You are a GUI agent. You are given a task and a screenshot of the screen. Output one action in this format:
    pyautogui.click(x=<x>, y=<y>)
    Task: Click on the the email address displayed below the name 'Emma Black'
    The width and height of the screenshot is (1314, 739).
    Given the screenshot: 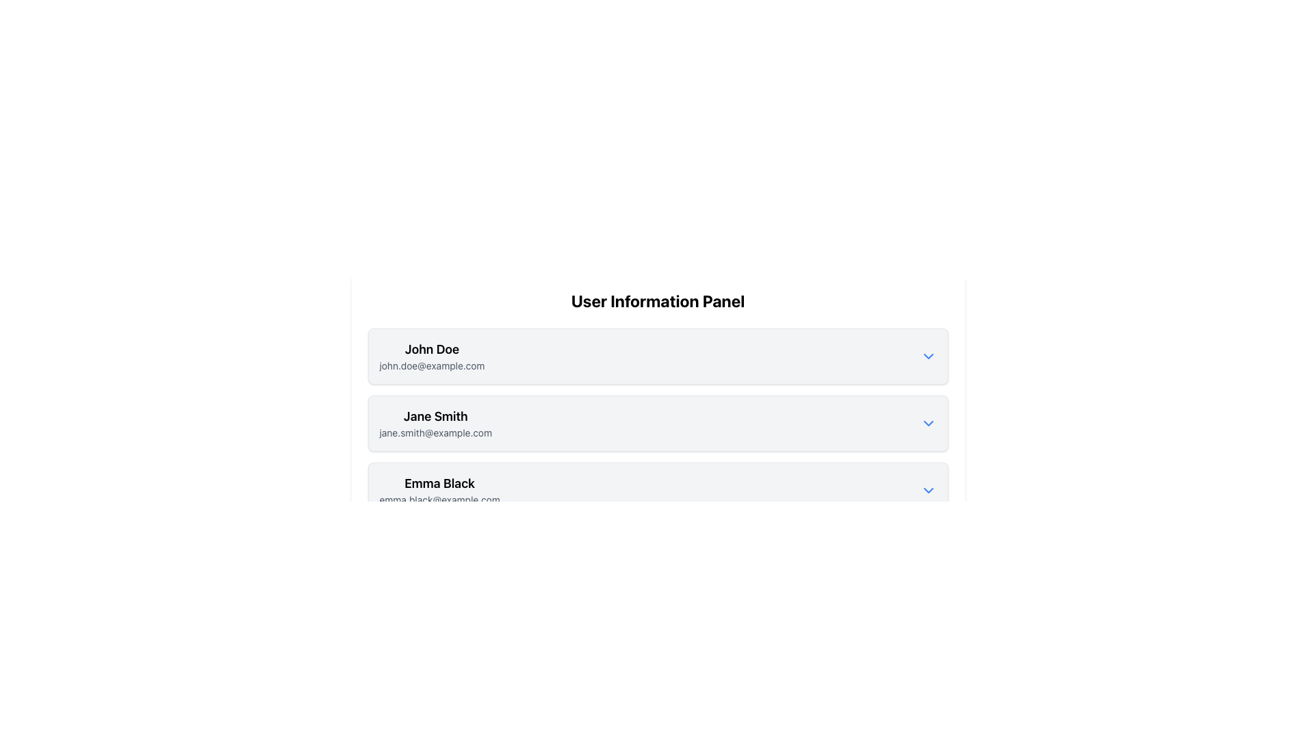 What is the action you would take?
    pyautogui.click(x=439, y=500)
    